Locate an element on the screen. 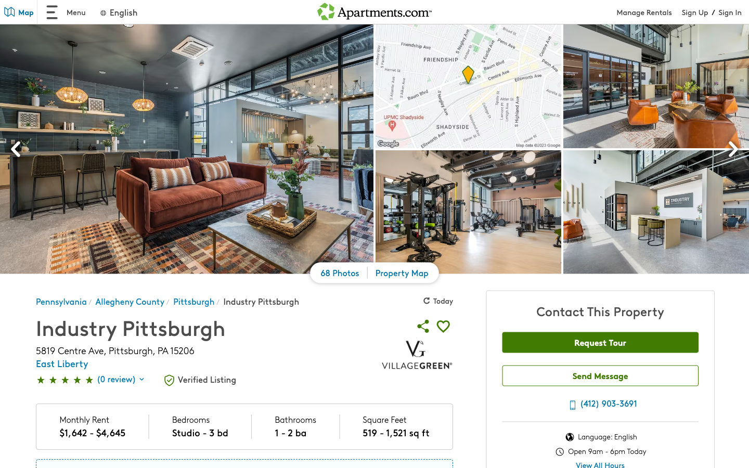 The width and height of the screenshot is (749, 468). send messages is located at coordinates (600, 377).